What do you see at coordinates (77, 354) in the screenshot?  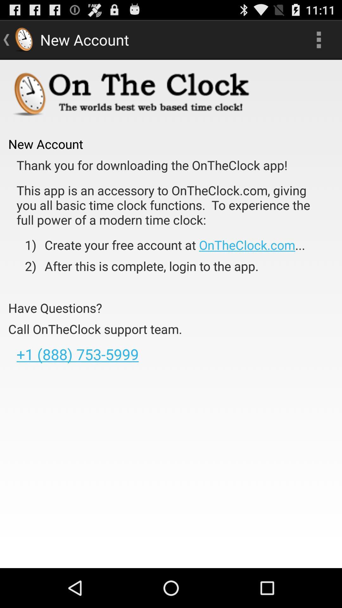 I see `1 888 753` at bounding box center [77, 354].